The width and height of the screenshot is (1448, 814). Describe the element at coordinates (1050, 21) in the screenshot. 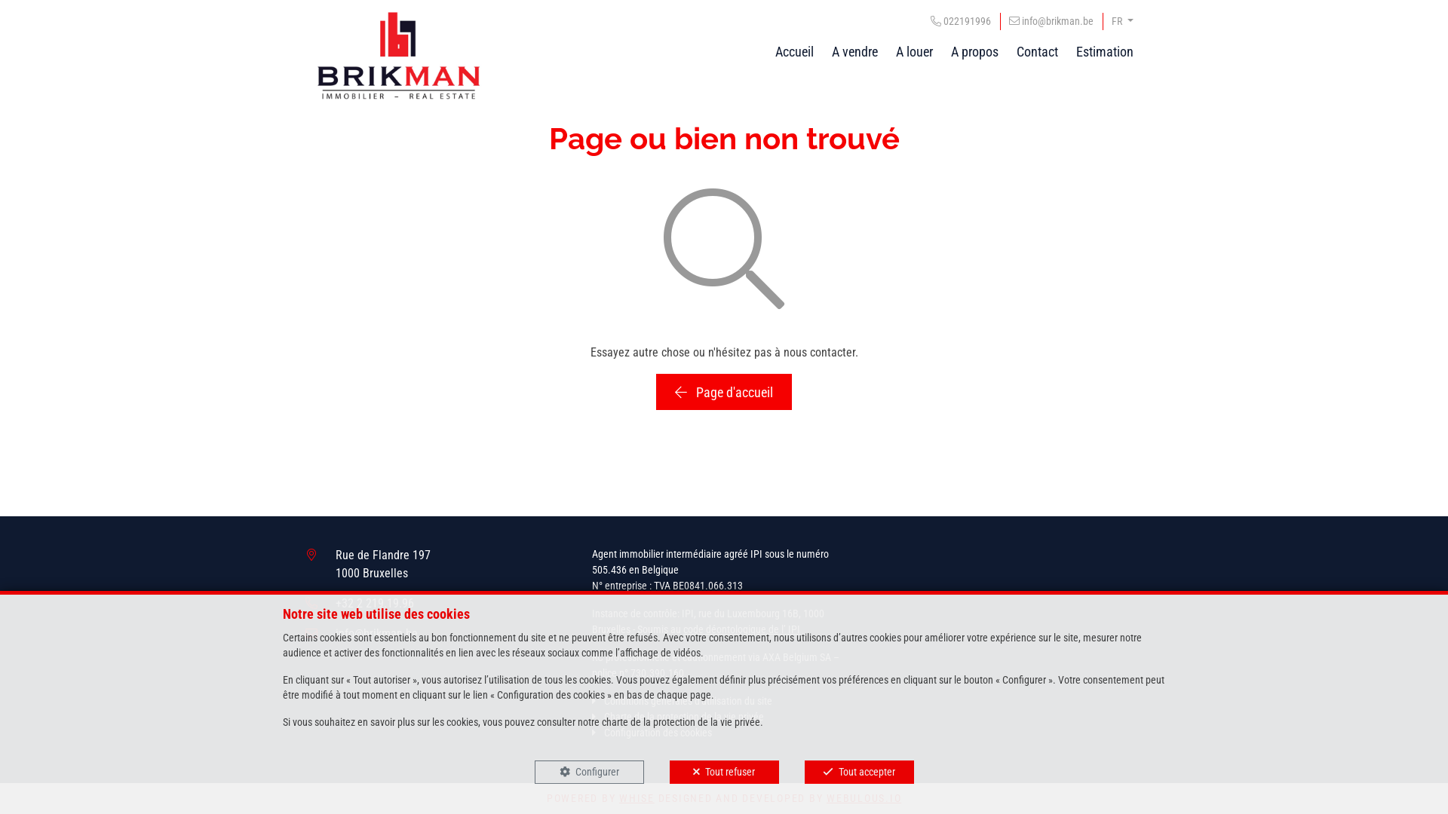

I see `'info@brikman.be'` at that location.